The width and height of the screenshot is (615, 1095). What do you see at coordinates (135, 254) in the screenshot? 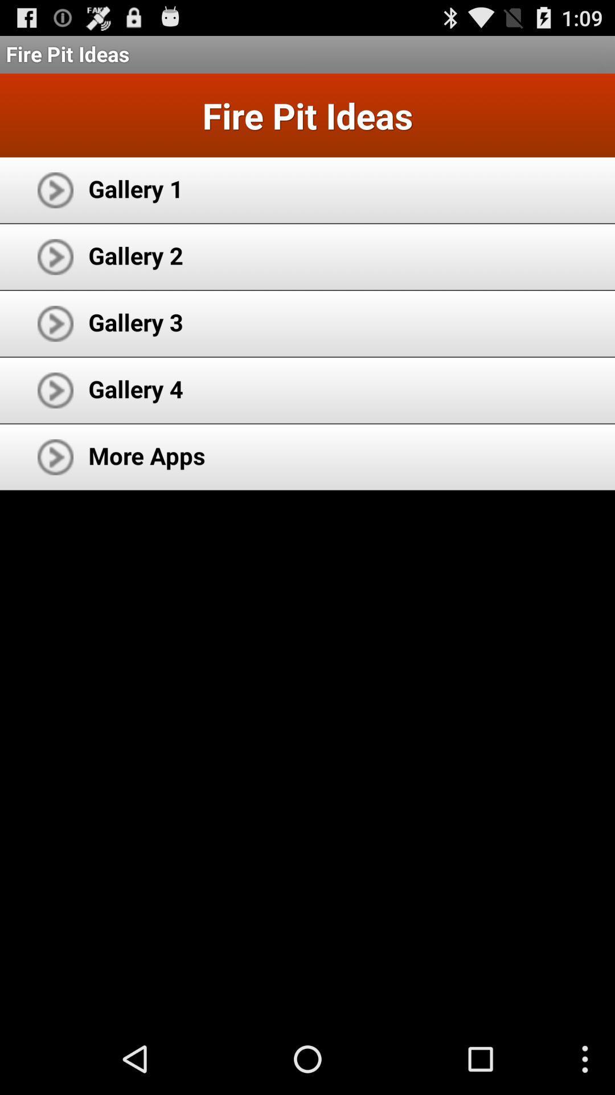
I see `icon above gallery 3 app` at bounding box center [135, 254].